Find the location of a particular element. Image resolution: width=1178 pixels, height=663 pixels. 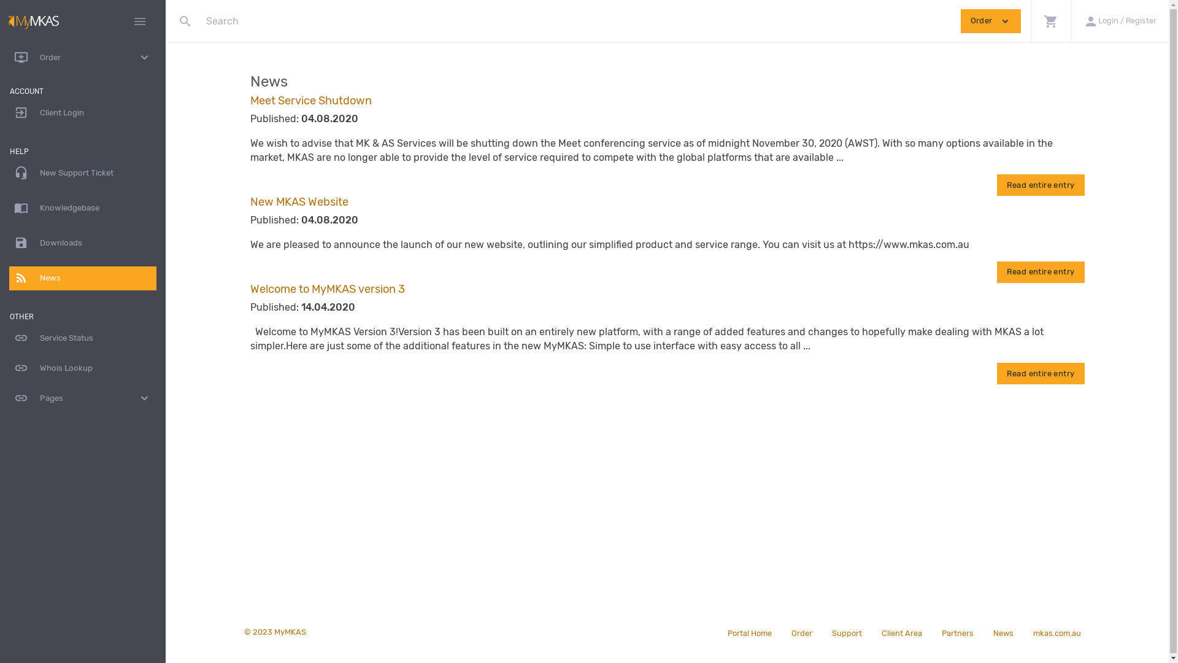

'exit_to_app Client Login' is located at coordinates (82, 113).